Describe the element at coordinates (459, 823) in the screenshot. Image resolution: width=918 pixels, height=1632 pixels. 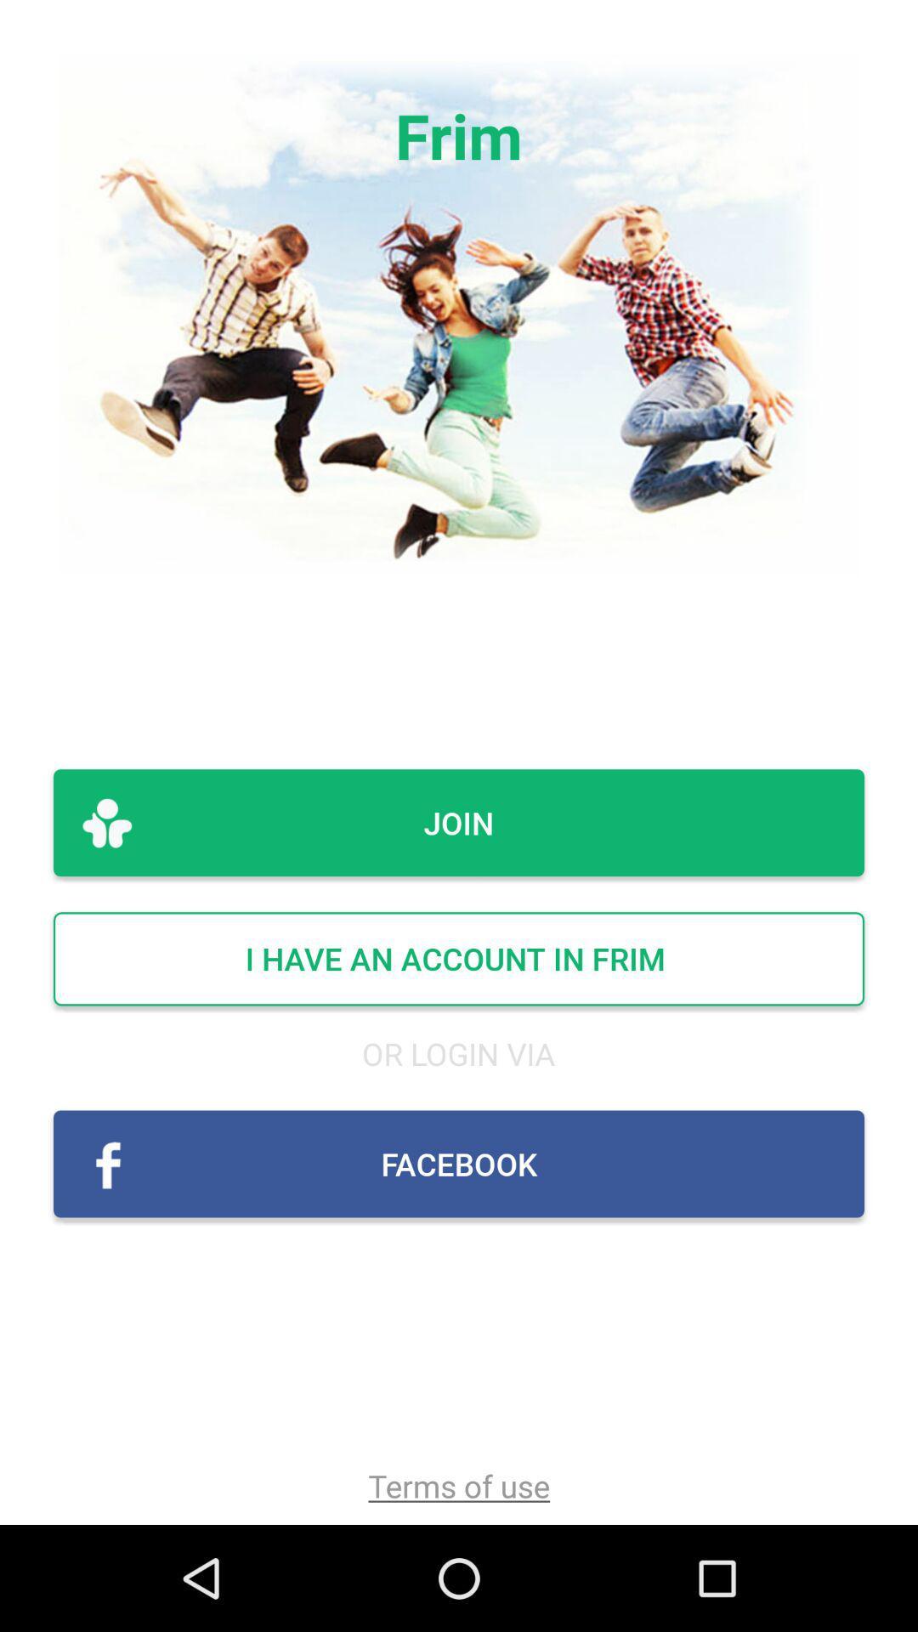
I see `join icon` at that location.